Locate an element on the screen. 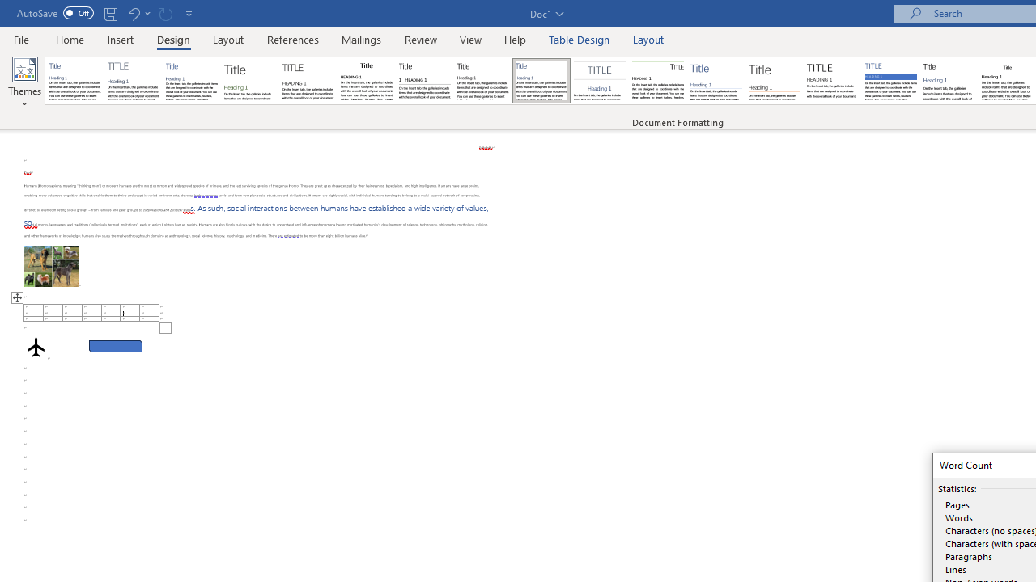 The height and width of the screenshot is (582, 1036). 'Rectangle: Diagonal Corners Snipped 2' is located at coordinates (115, 345).